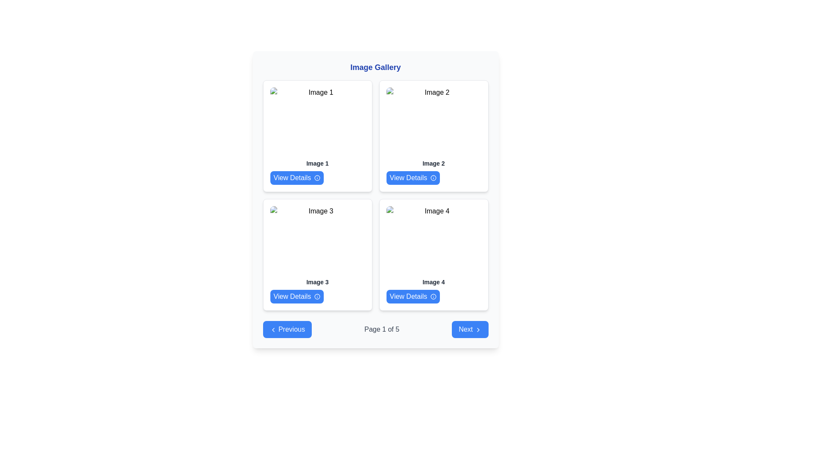  Describe the element at coordinates (287, 329) in the screenshot. I see `the navigation button located at the bottom left of the pagination controls` at that location.